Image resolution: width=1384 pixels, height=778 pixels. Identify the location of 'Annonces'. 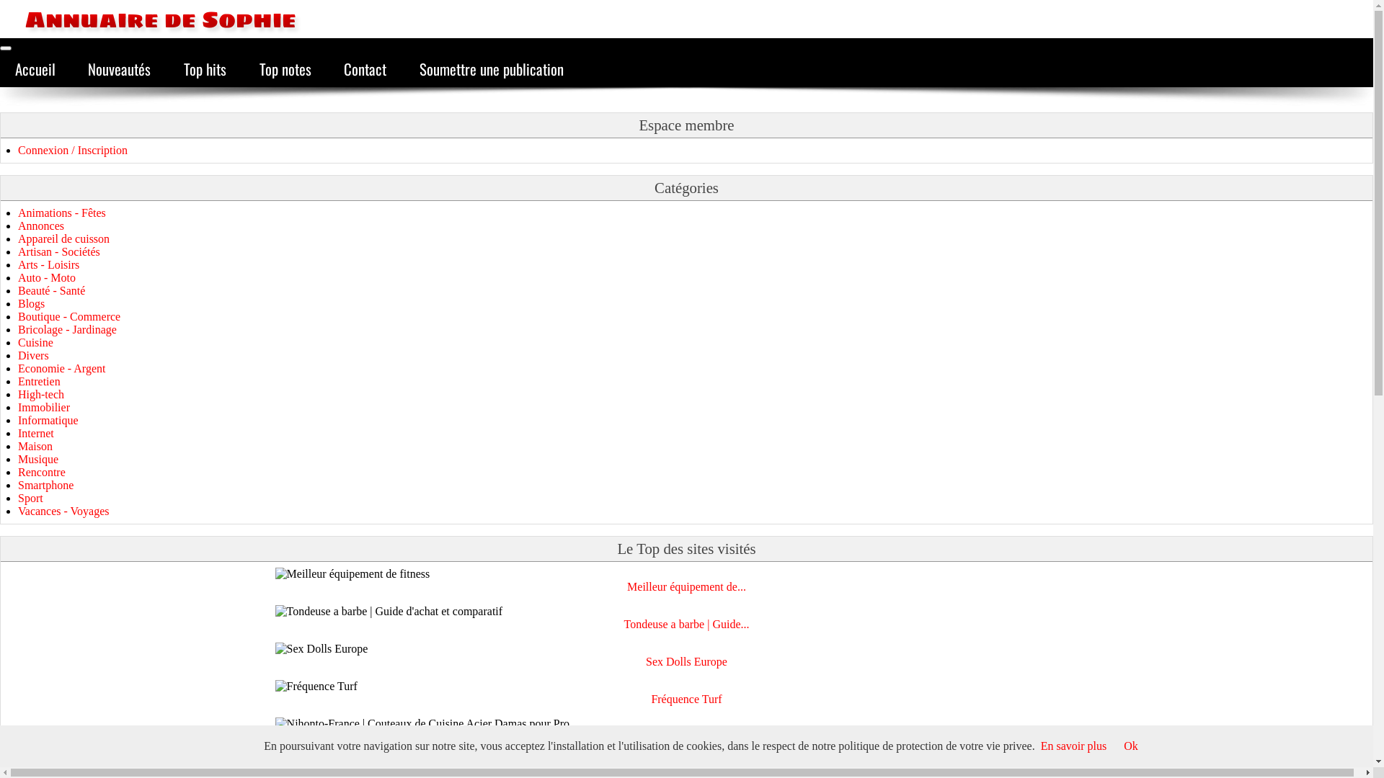
(41, 225).